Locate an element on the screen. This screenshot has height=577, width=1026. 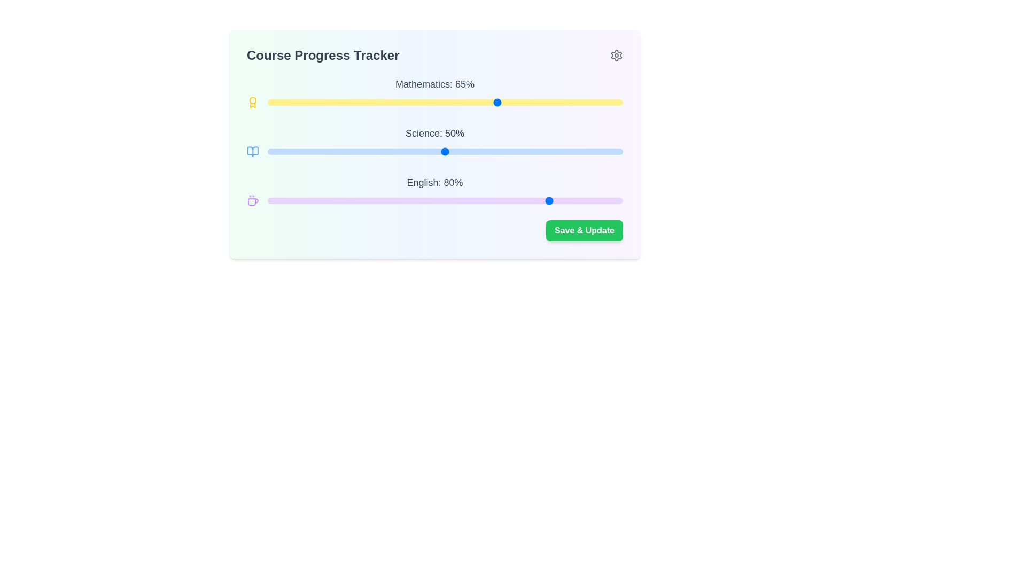
the Science progress slider is located at coordinates (302, 152).